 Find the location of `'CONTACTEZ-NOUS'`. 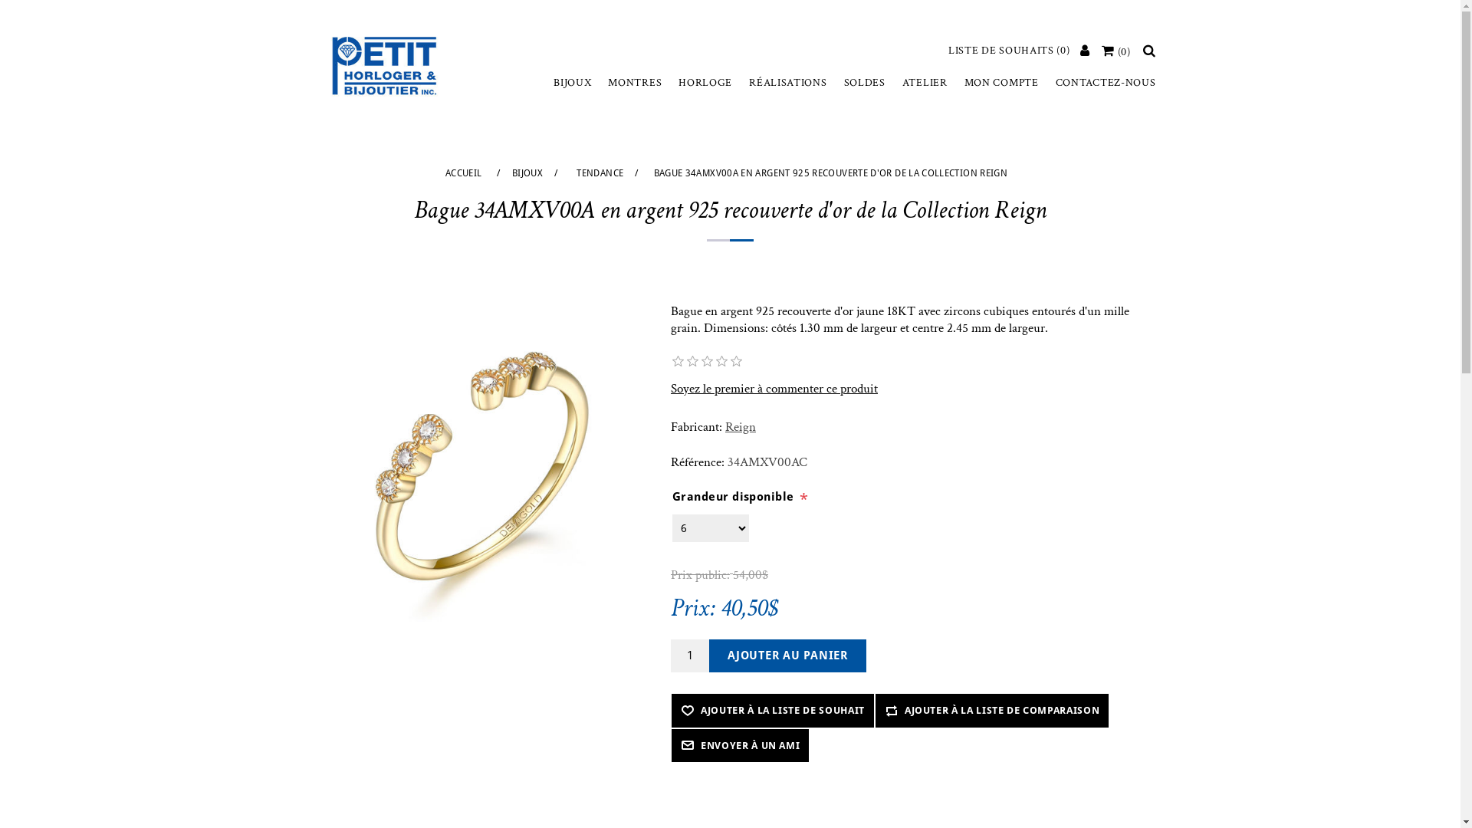

'CONTACTEZ-NOUS' is located at coordinates (1106, 83).